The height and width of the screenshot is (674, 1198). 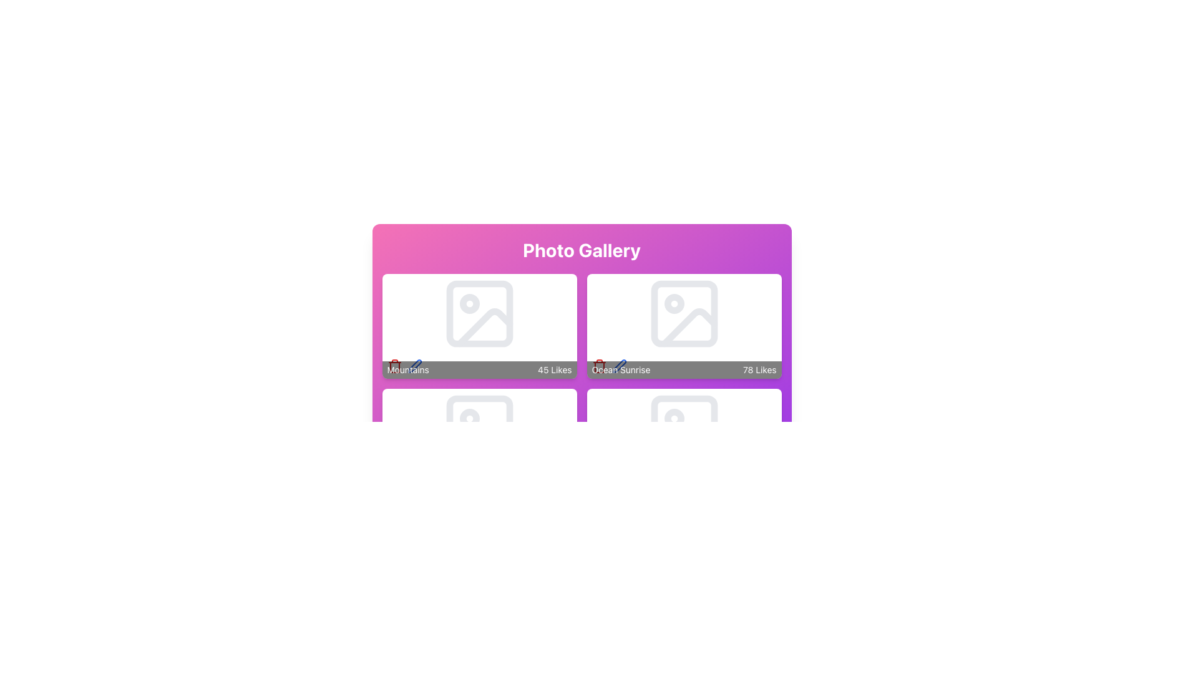 I want to click on the small solid circle located in the lower-middle section of the image frame, which represents an image placeholder, so click(x=469, y=419).